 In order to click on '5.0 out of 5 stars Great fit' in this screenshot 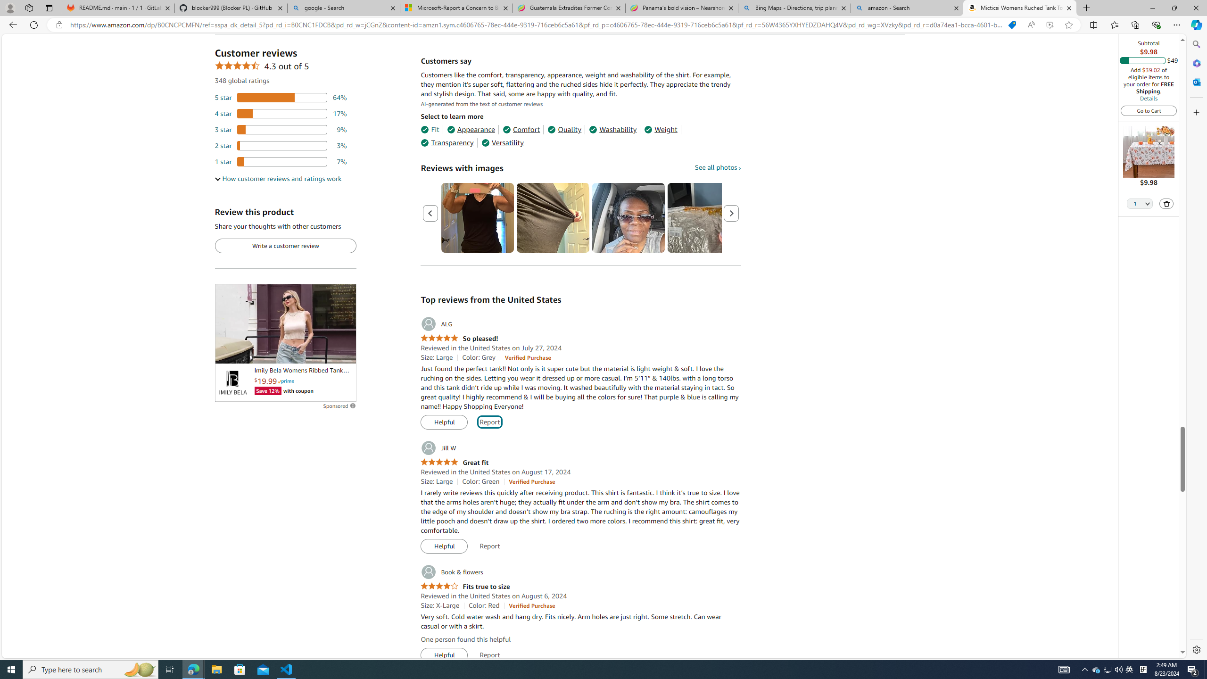, I will do `click(454, 462)`.